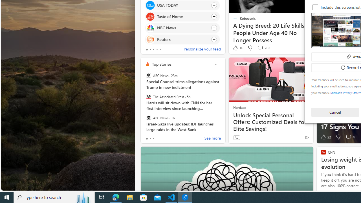  What do you see at coordinates (7, 197) in the screenshot?
I see `'Start'` at bounding box center [7, 197].